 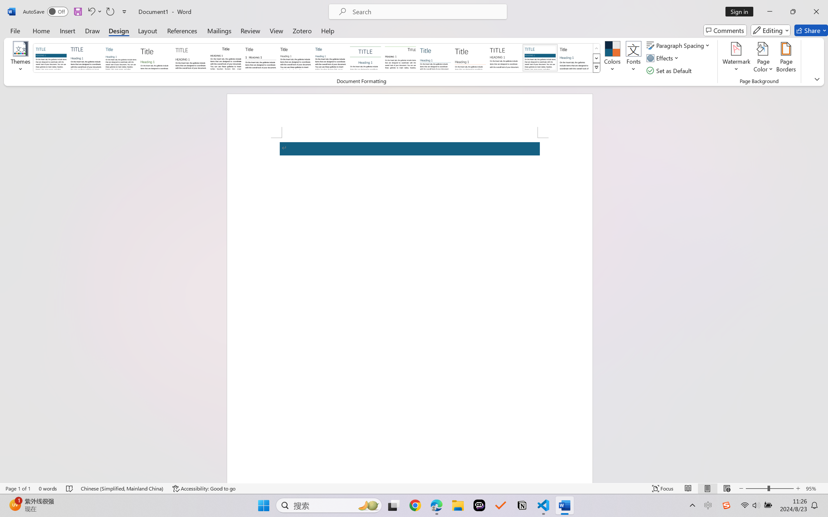 I want to click on 'Casual', so click(x=330, y=57).